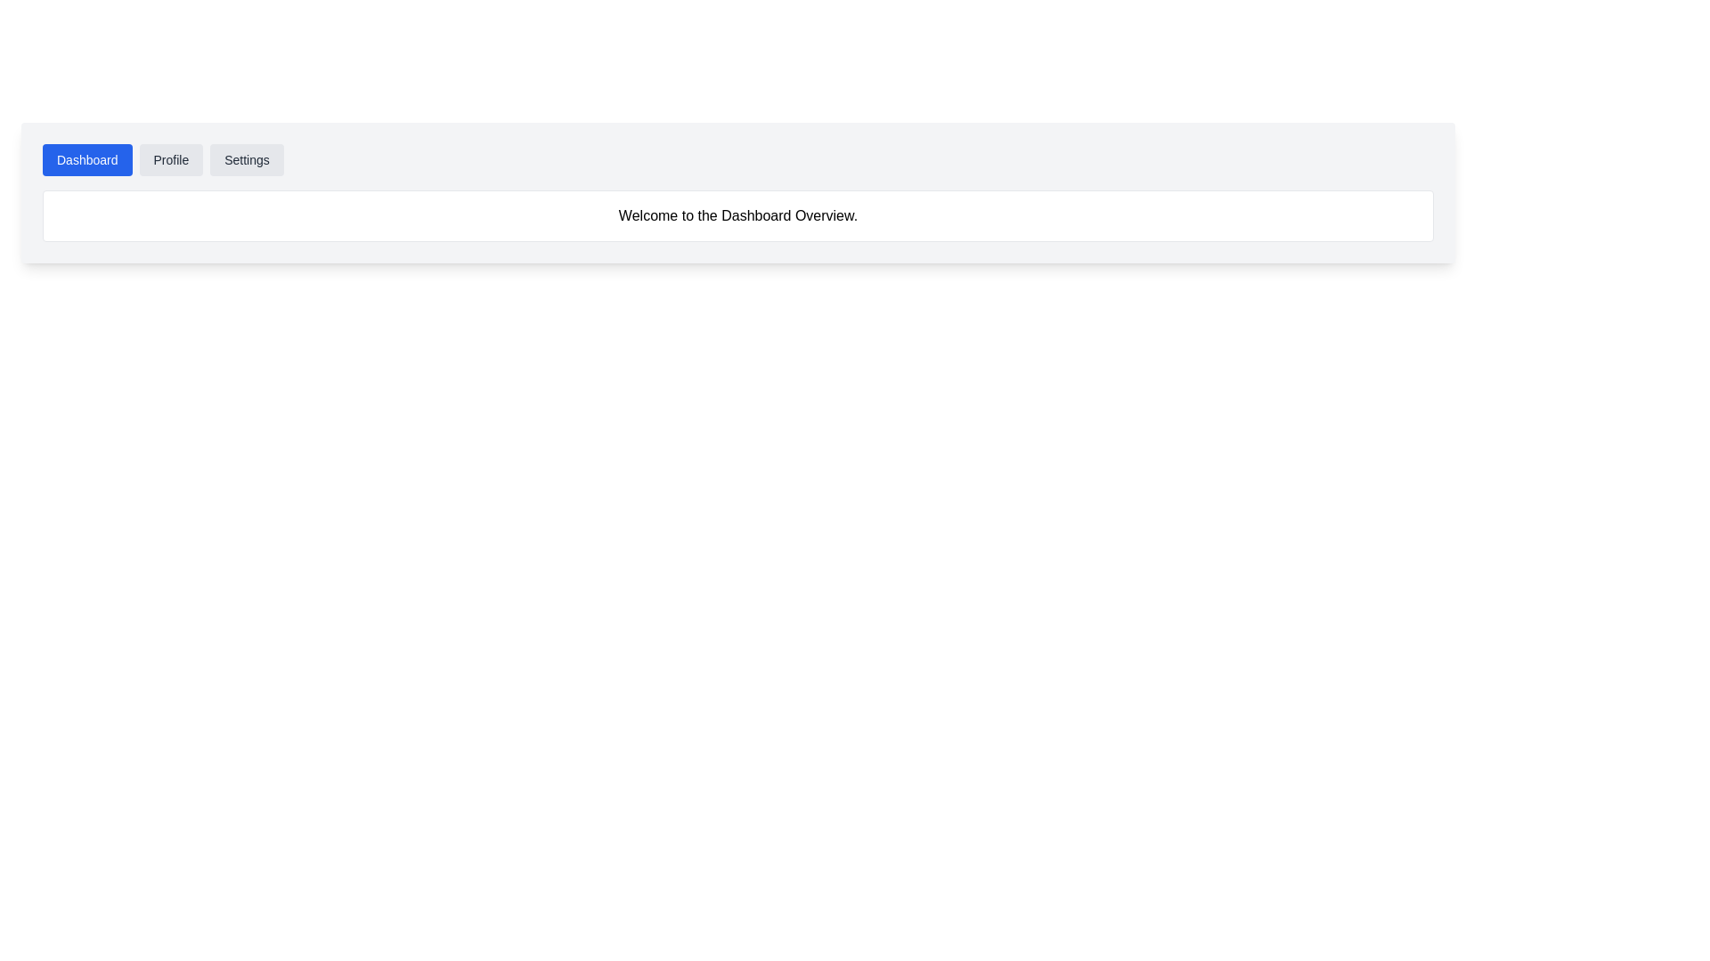 Image resolution: width=1710 pixels, height=961 pixels. Describe the element at coordinates (171, 160) in the screenshot. I see `the tab labeled Profile to view its content` at that location.